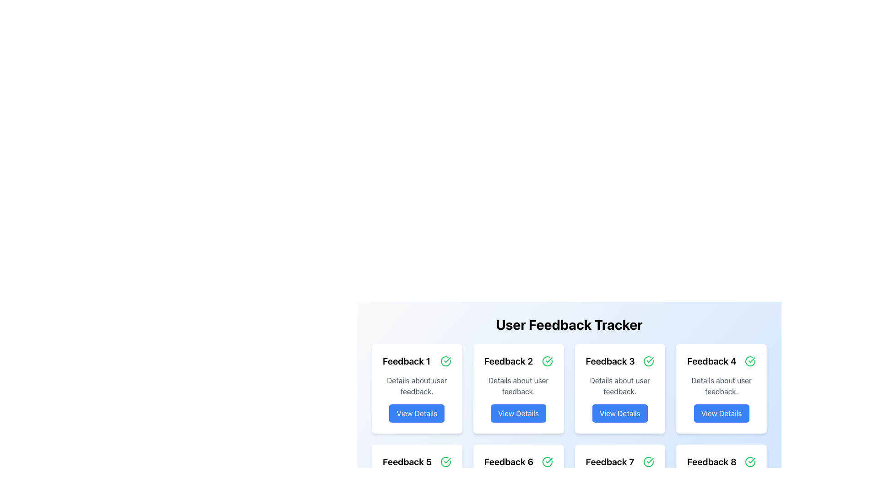 The width and height of the screenshot is (879, 494). What do you see at coordinates (508, 462) in the screenshot?
I see `the 'Feedback 6' text label element which is displayed in bold, large font above the 'View Details' button in a card-style layout` at bounding box center [508, 462].